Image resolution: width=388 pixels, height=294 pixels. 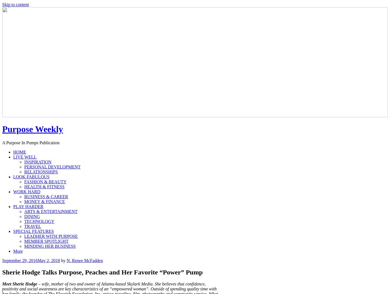 I want to click on 'N. Renee McFadden', so click(x=84, y=260).